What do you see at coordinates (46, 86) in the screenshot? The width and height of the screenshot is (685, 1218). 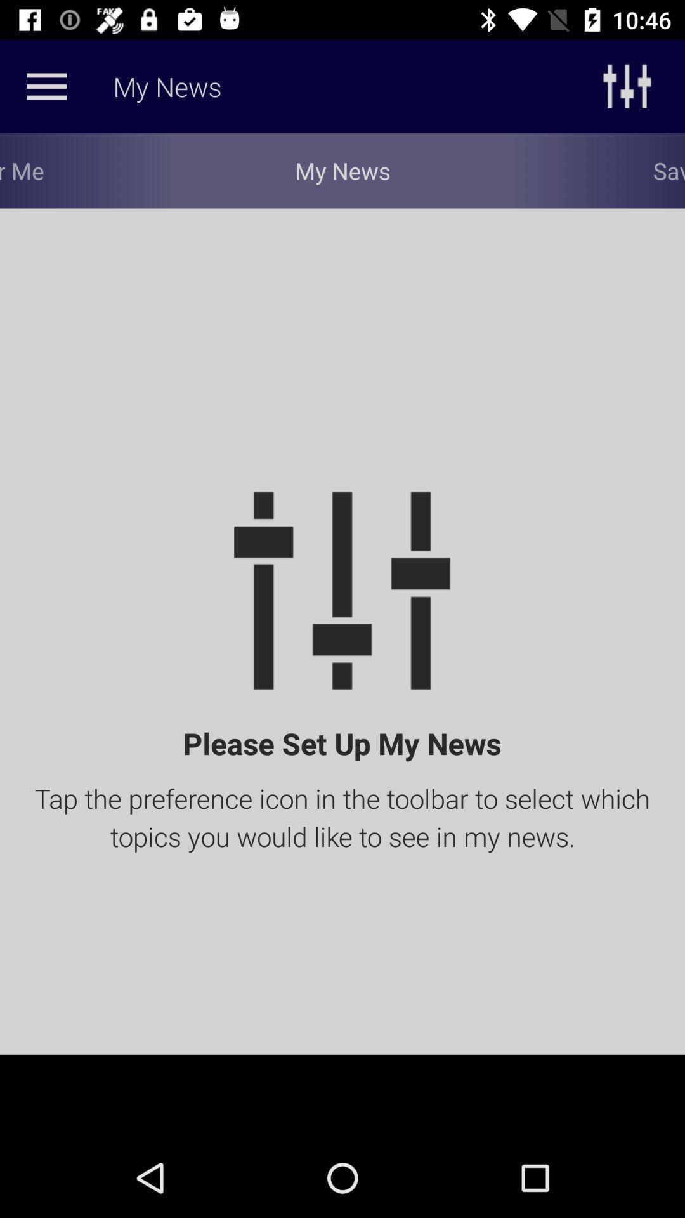 I see `options` at bounding box center [46, 86].